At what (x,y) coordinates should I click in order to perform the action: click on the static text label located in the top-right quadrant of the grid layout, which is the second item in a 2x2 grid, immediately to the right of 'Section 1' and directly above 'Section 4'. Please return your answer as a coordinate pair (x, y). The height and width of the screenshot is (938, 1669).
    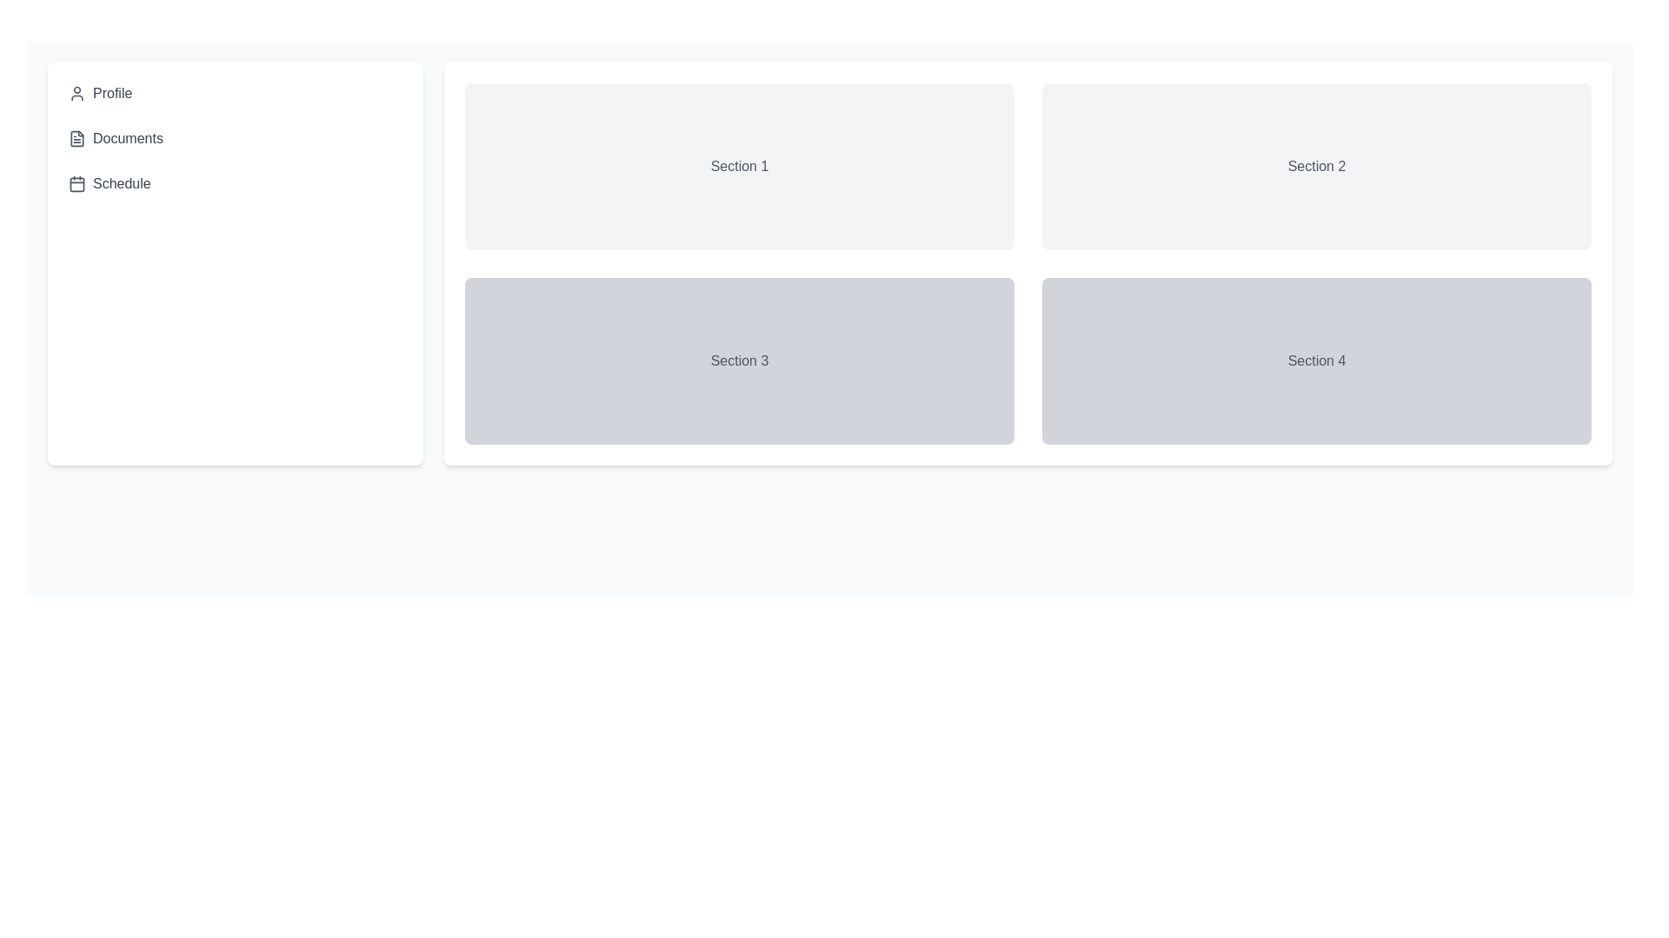
    Looking at the image, I should click on (1317, 167).